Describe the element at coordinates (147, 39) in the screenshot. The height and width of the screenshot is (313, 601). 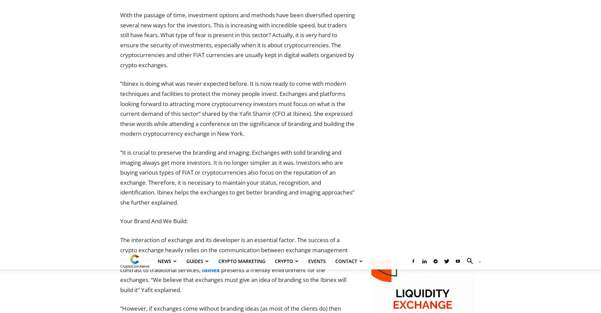
I see `'Contact Us Directly'` at that location.